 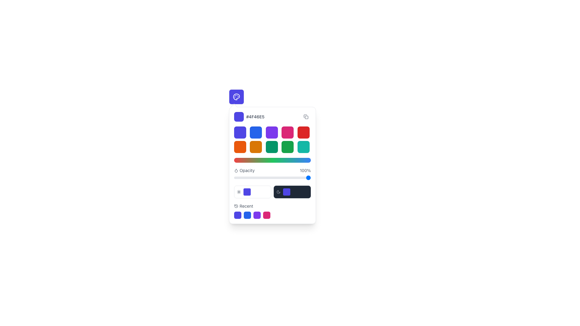 I want to click on the red color selection button, which is the fifth square in the top row of a 5x2 grid of color squares, so click(x=303, y=132).